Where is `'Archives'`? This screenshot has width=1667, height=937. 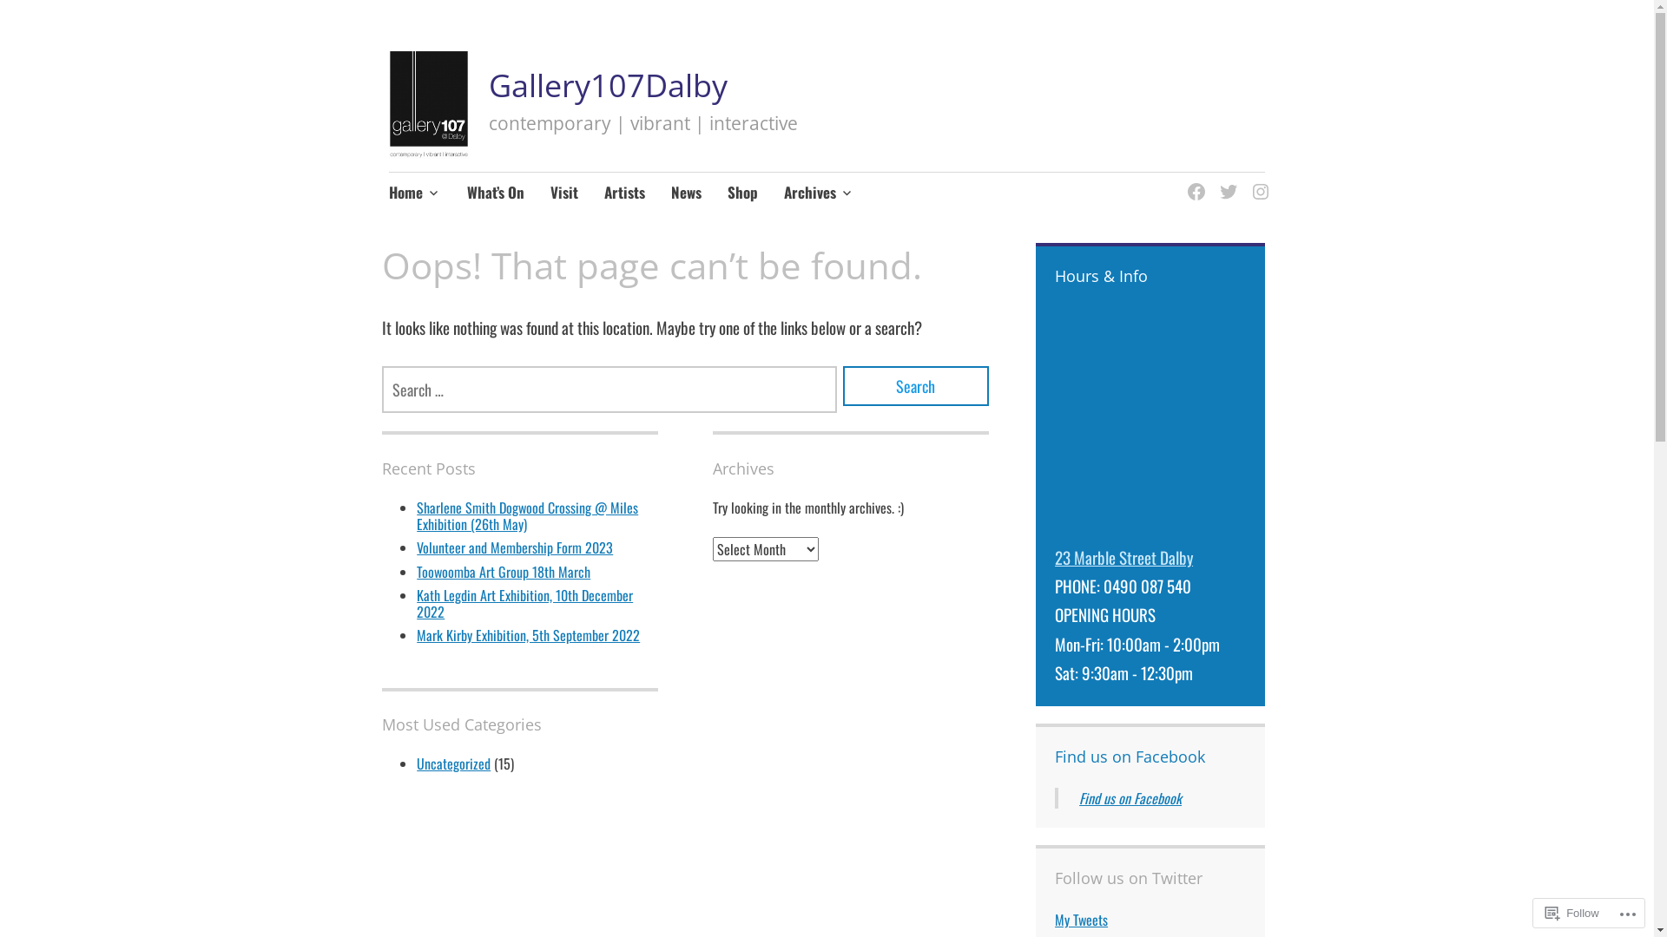
'Archives' is located at coordinates (818, 193).